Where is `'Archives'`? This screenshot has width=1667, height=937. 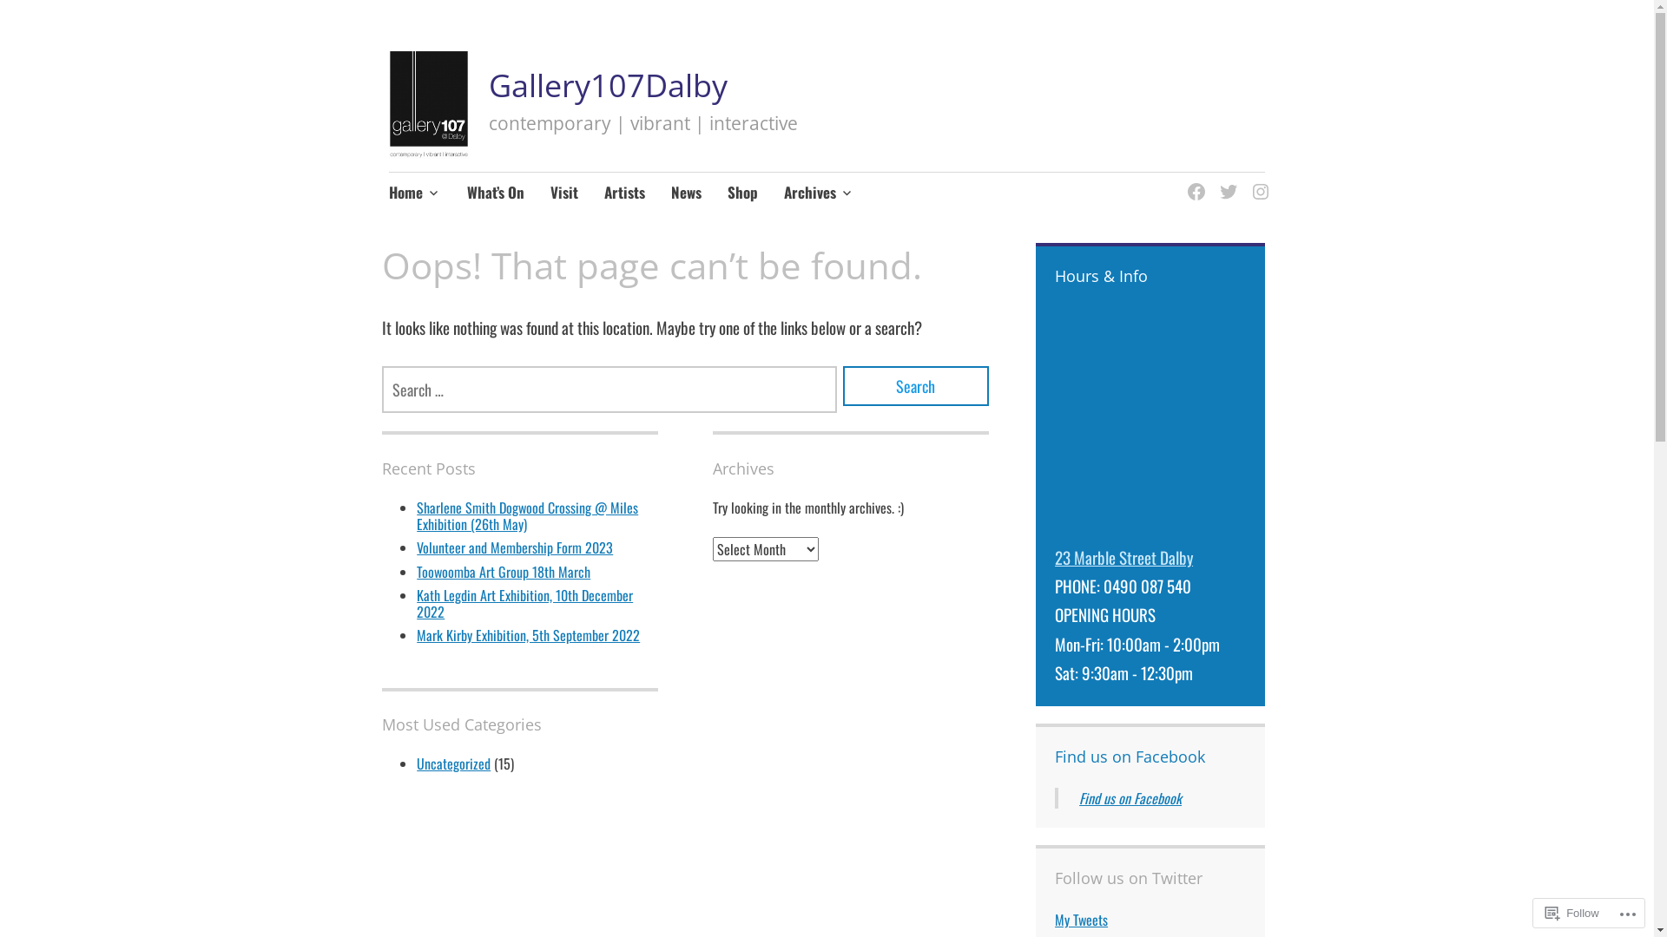
'Archives' is located at coordinates (818, 193).